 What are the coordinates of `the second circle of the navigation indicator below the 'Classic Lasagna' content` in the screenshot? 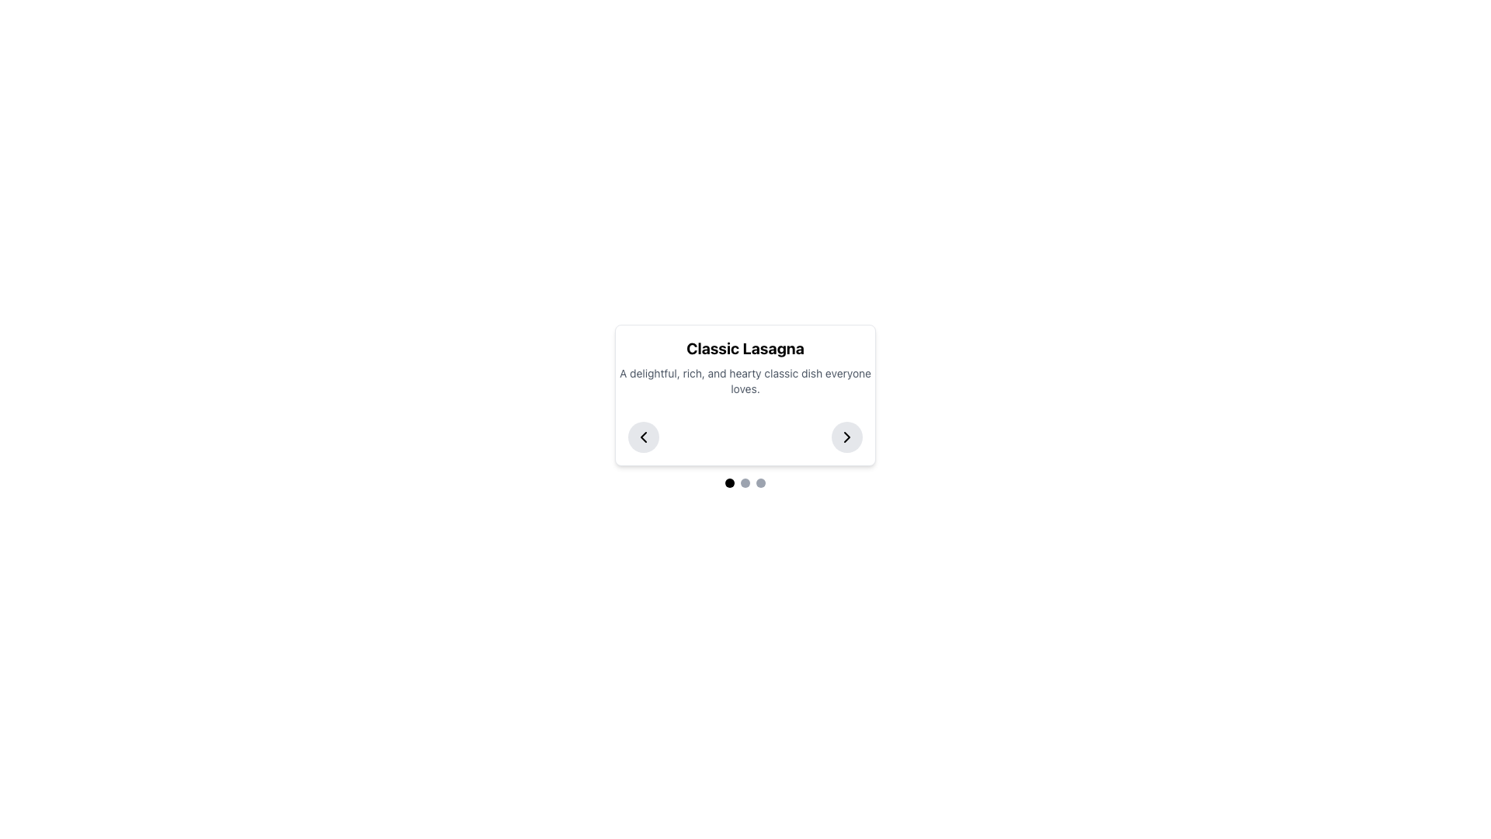 It's located at (745, 482).